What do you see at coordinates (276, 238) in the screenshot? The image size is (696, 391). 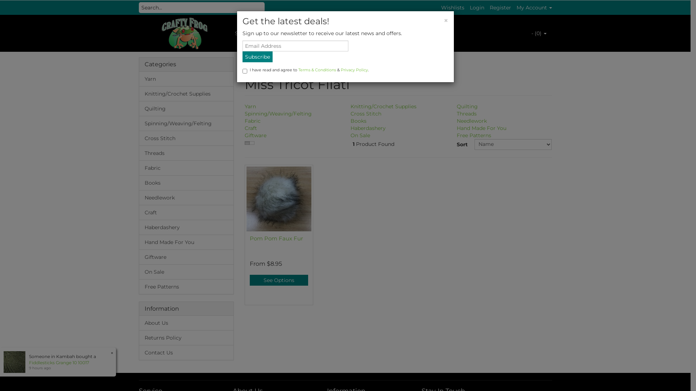 I see `'Pom Pom Faux Fur'` at bounding box center [276, 238].